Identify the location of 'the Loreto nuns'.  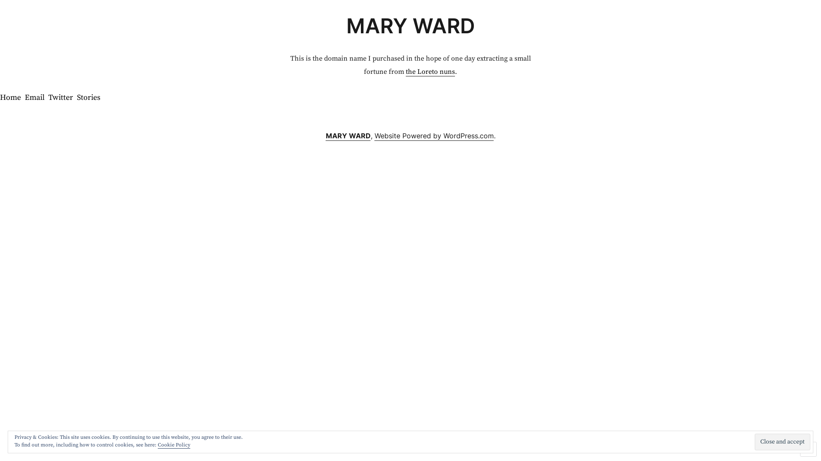
(430, 71).